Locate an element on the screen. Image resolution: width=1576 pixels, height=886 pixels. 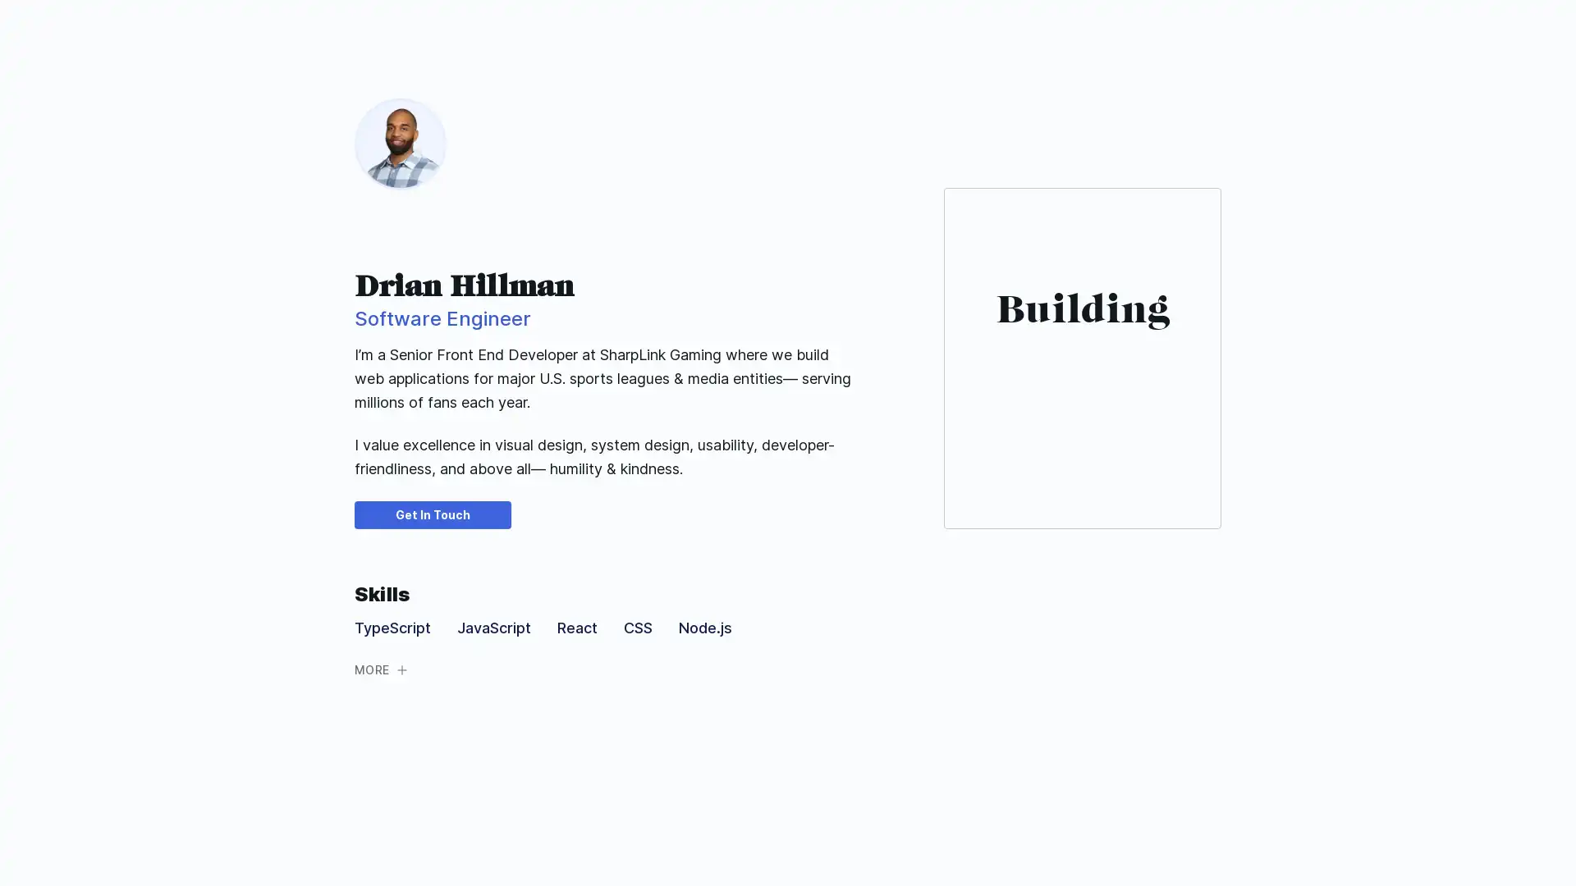
Get In Touch is located at coordinates (433, 514).